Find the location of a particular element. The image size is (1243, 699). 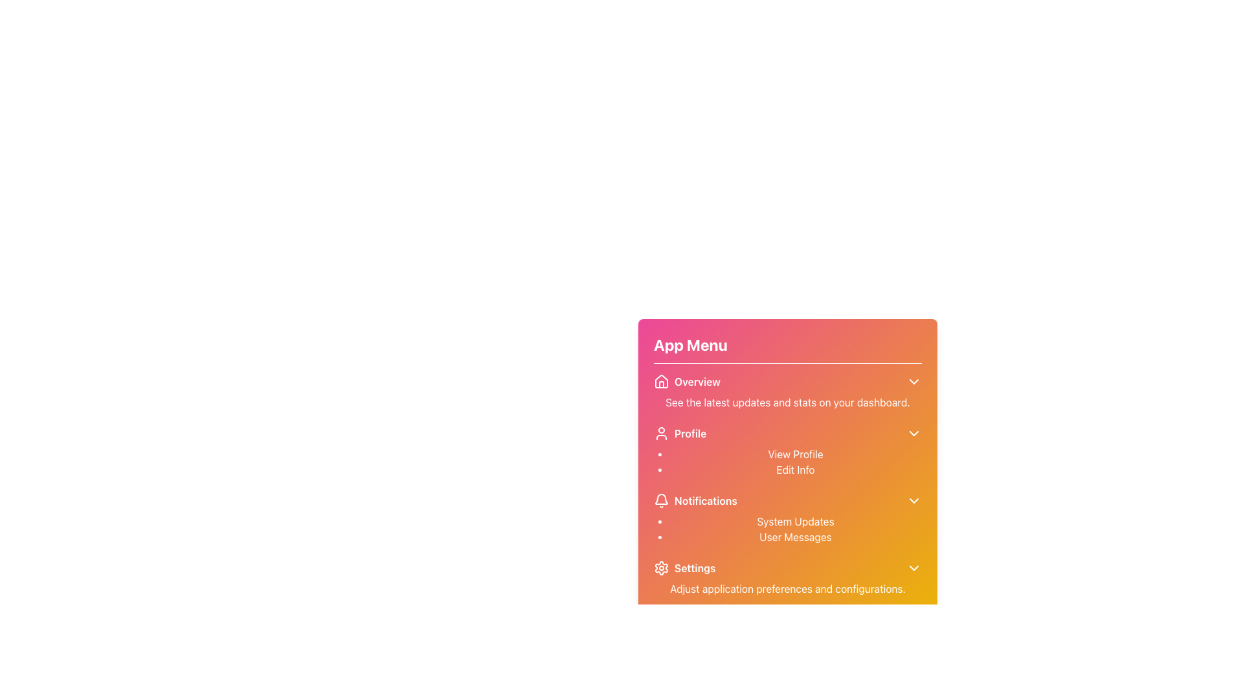

the 'Profile' menu item, which consists of a user icon followed by bold white text on a gradient background, located directly below the 'Overview' menu item is located at coordinates (679, 434).